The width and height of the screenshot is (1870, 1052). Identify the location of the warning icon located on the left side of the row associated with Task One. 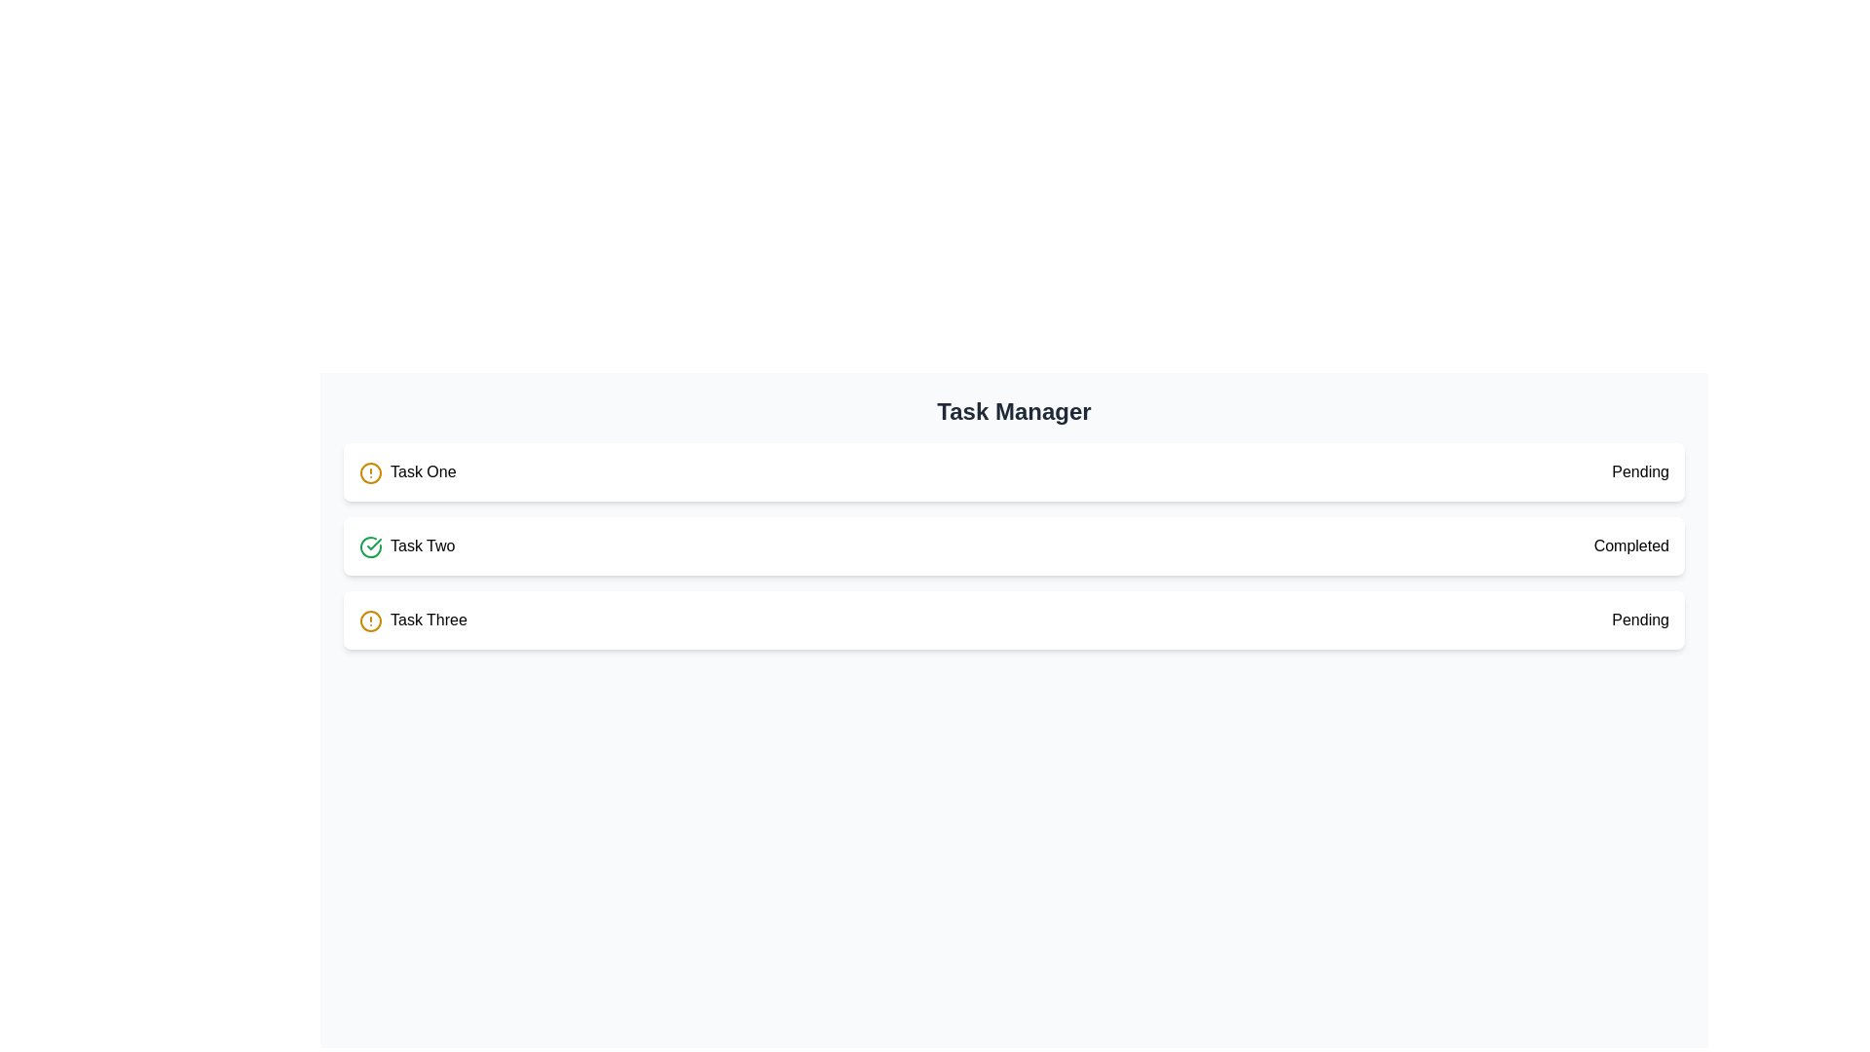
(370, 472).